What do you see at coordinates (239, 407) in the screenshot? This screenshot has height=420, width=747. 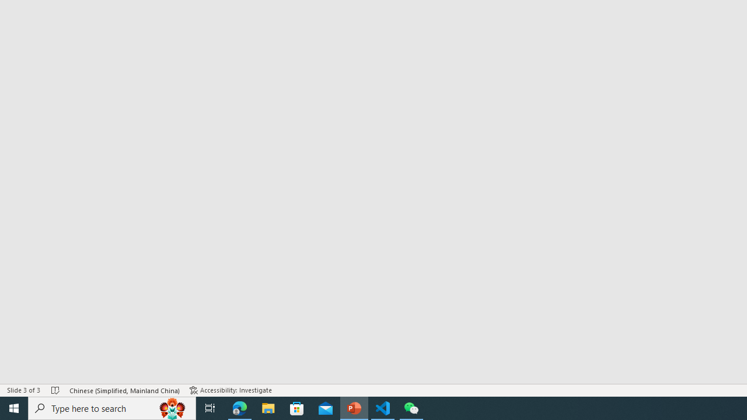 I see `'Microsoft Edge - 1 running window'` at bounding box center [239, 407].